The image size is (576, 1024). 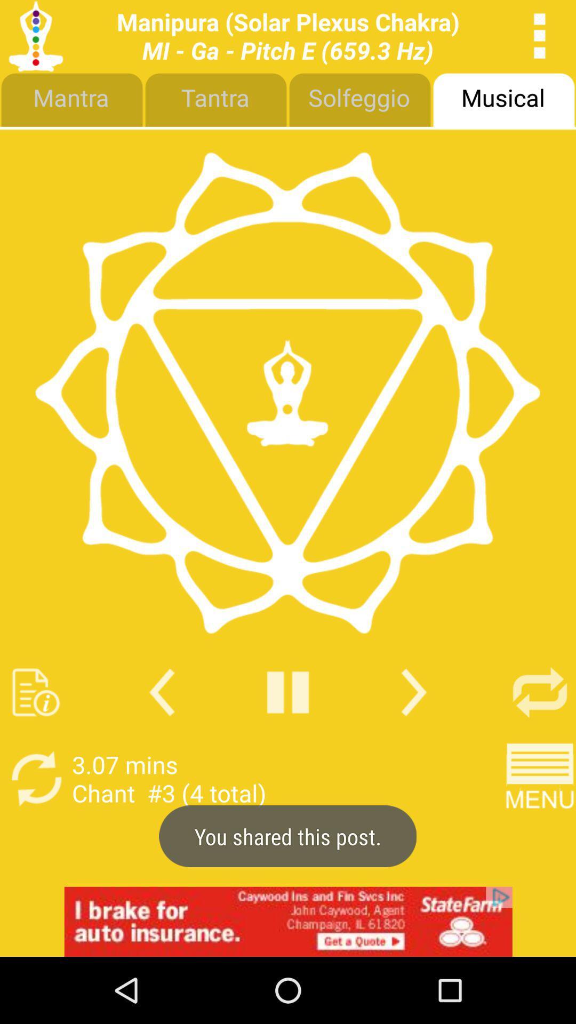 I want to click on the arrow_backward icon, so click(x=162, y=740).